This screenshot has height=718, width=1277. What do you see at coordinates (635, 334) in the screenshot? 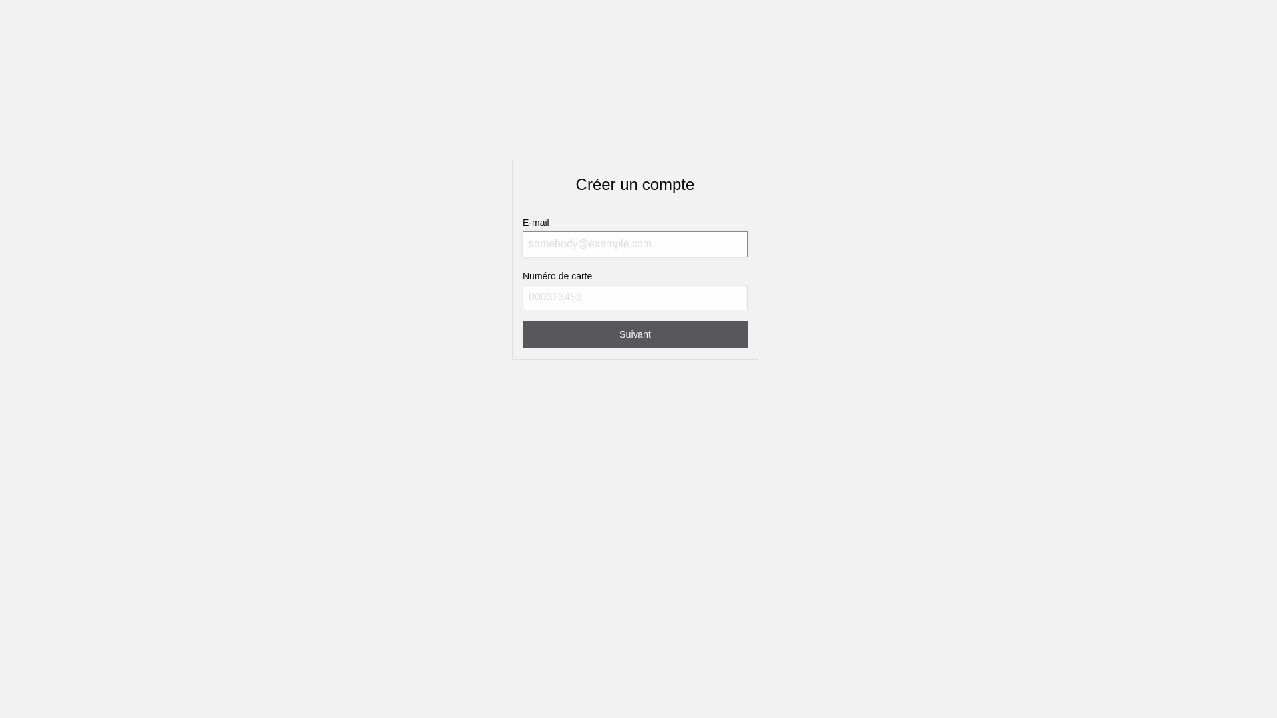
I see `'Suivant'` at bounding box center [635, 334].